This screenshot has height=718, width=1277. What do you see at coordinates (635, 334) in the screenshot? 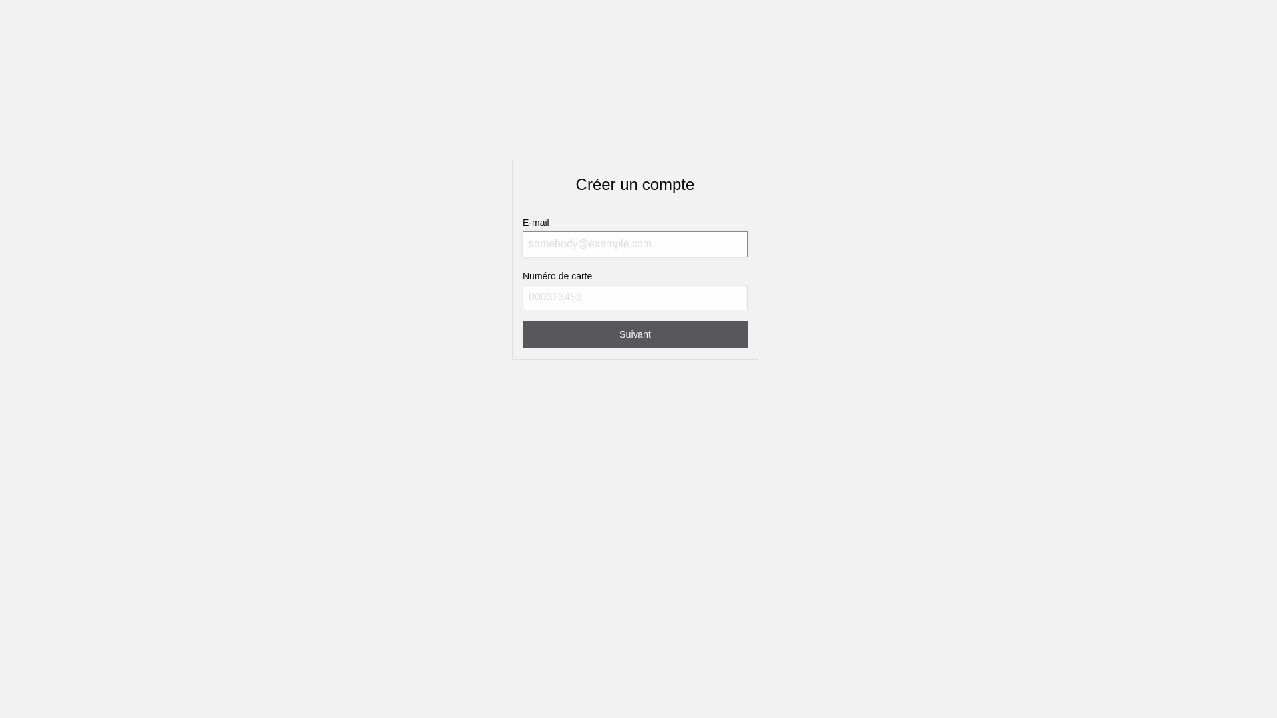
I see `'Suivant'` at bounding box center [635, 334].